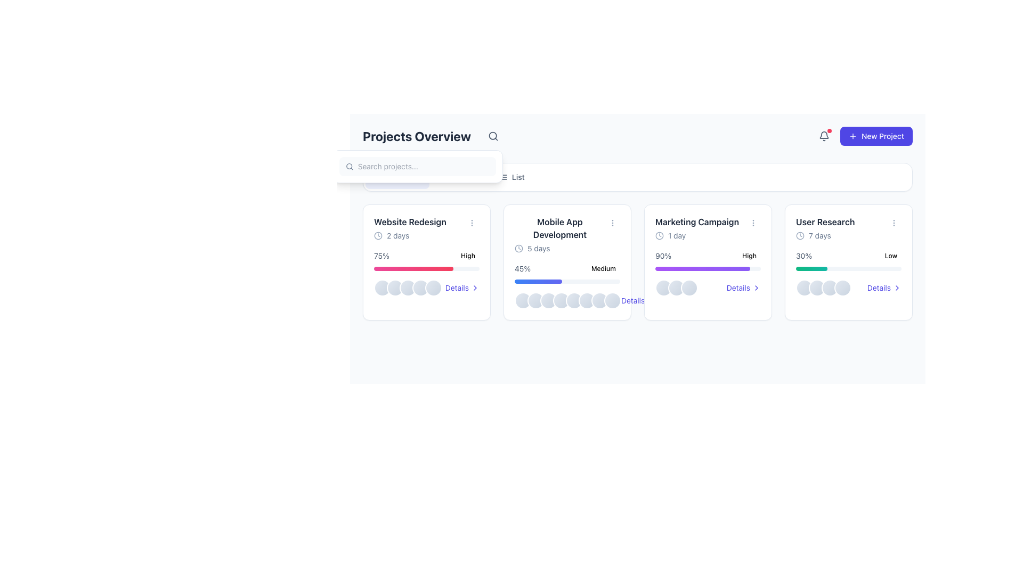 This screenshot has height=575, width=1023. Describe the element at coordinates (493, 135) in the screenshot. I see `the magnifying glass icon associated with the search function located in the top right of the header section next to 'Projects Overview'` at that location.